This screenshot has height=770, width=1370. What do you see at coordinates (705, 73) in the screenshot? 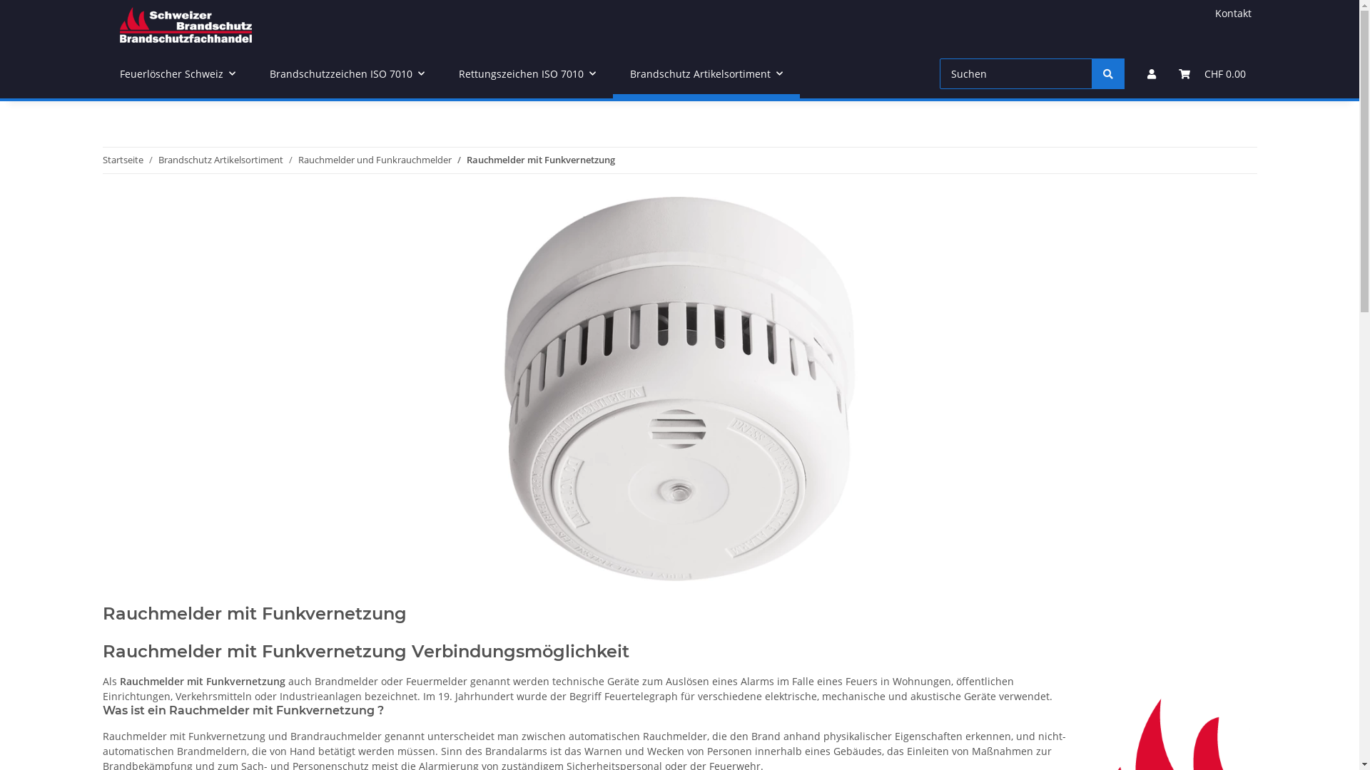
I see `'Brandschutz Artikelsortiment'` at bounding box center [705, 73].